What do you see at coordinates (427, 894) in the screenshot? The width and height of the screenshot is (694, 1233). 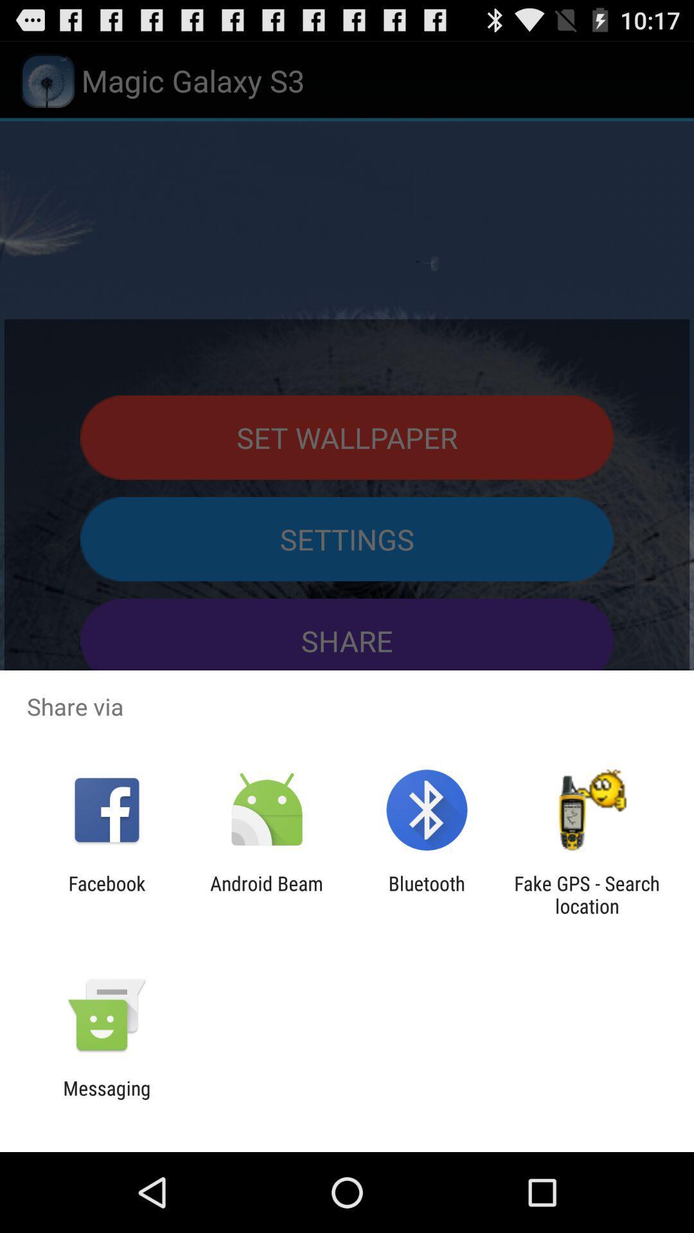 I see `the item to the left of fake gps search` at bounding box center [427, 894].